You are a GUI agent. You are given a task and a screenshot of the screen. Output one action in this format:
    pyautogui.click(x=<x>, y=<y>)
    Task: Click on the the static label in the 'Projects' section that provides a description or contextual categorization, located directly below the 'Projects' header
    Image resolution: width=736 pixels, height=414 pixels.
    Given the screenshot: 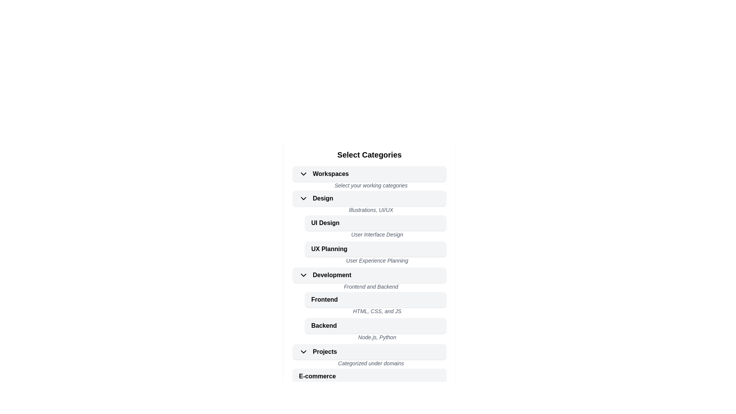 What is the action you would take?
    pyautogui.click(x=370, y=363)
    